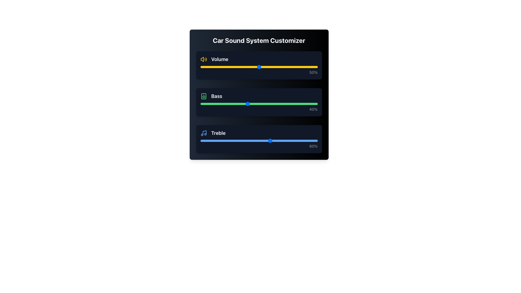  Describe the element at coordinates (203, 96) in the screenshot. I see `the green speaker icon that represents bass settings, located to the immediate left of the 'Bass' label in the adjustment row` at that location.